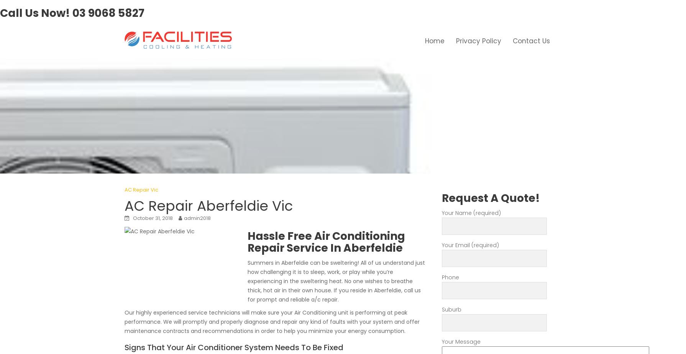 This screenshot has height=354, width=686. Describe the element at coordinates (141, 189) in the screenshot. I see `'AC Repair Vic'` at that location.